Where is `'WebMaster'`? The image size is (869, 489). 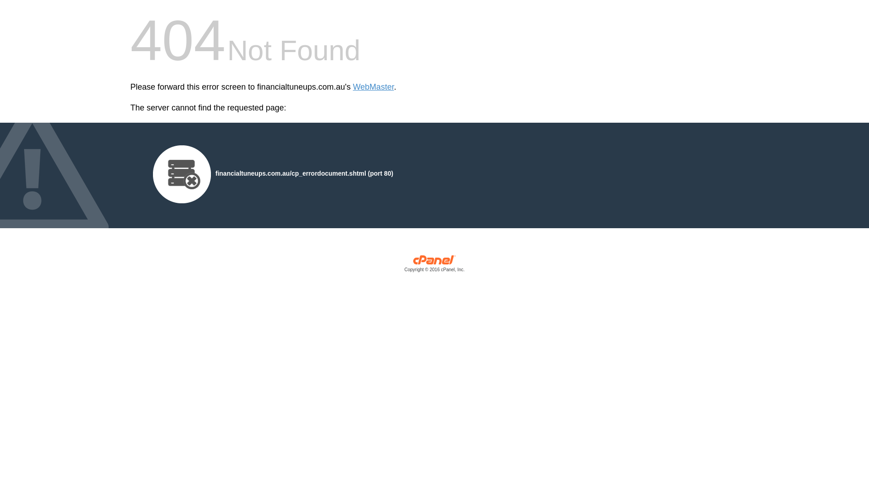 'WebMaster' is located at coordinates (373, 87).